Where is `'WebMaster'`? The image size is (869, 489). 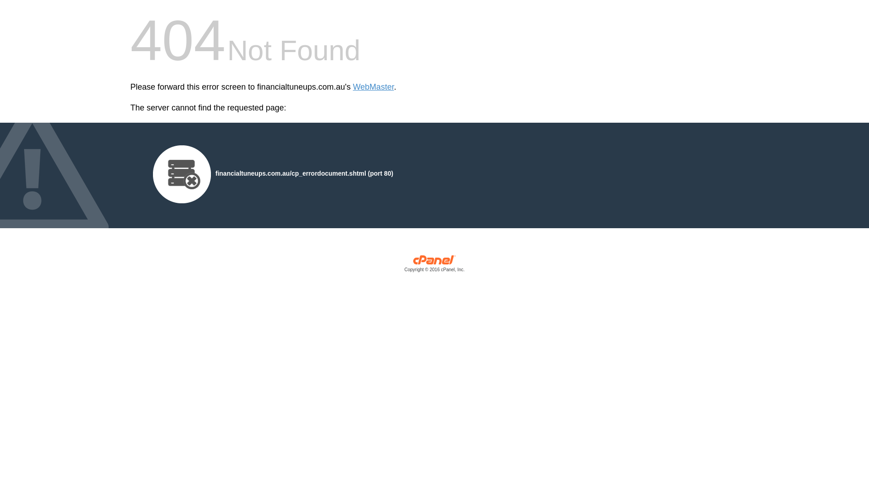 'WebMaster' is located at coordinates (373, 87).